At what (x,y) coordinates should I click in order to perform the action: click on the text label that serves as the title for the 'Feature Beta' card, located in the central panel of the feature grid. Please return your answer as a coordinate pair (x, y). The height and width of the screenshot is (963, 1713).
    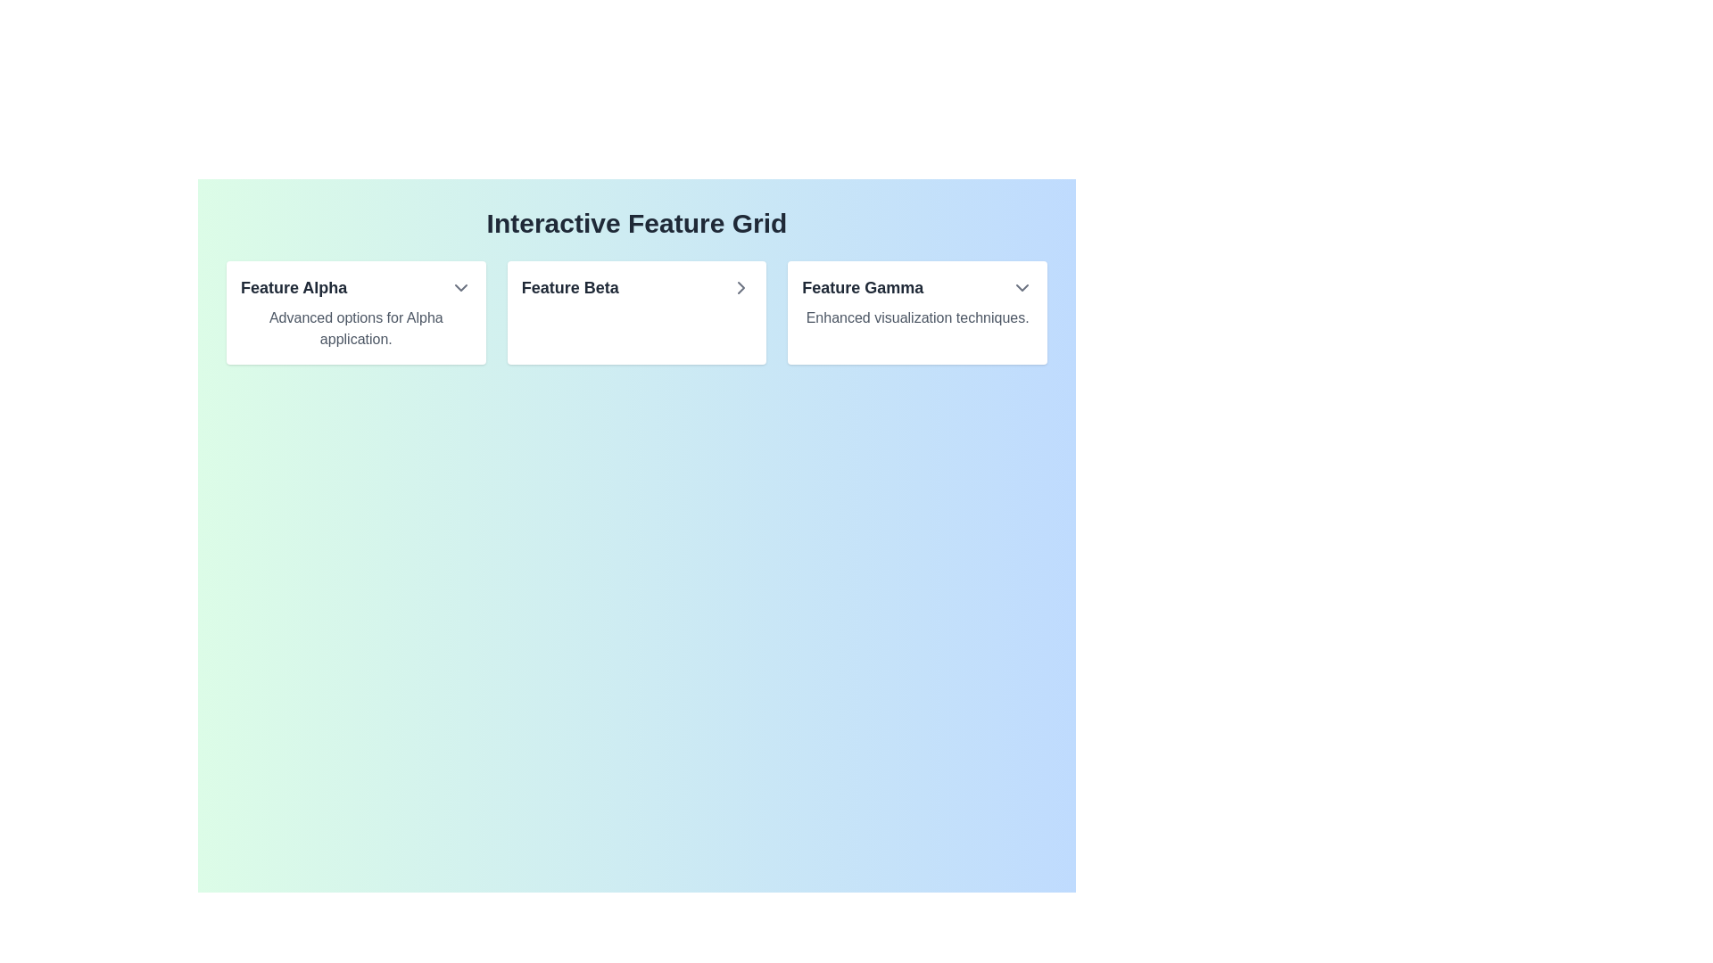
    Looking at the image, I should click on (569, 287).